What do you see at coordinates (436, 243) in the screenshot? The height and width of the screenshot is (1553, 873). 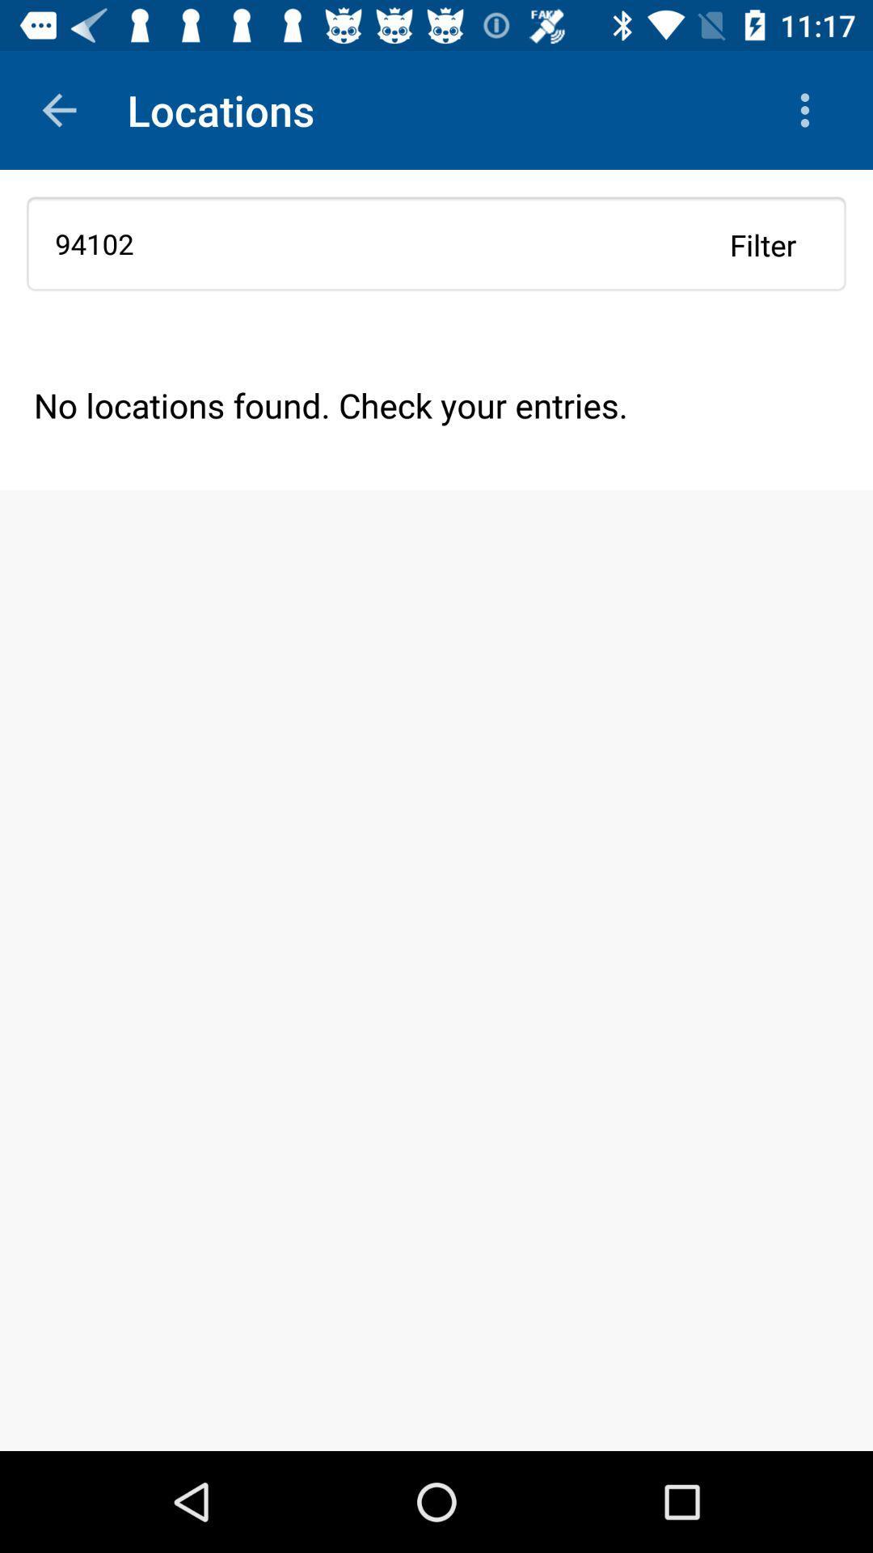 I see `the icon above no locations found item` at bounding box center [436, 243].